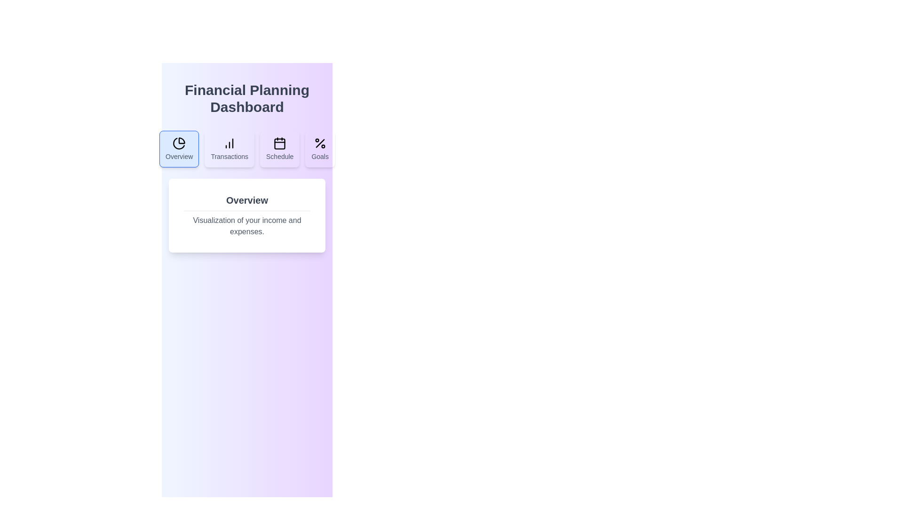 The image size is (903, 508). Describe the element at coordinates (179, 143) in the screenshot. I see `the pie chart icon located on the 'Overview' button in the top left of the interface` at that location.